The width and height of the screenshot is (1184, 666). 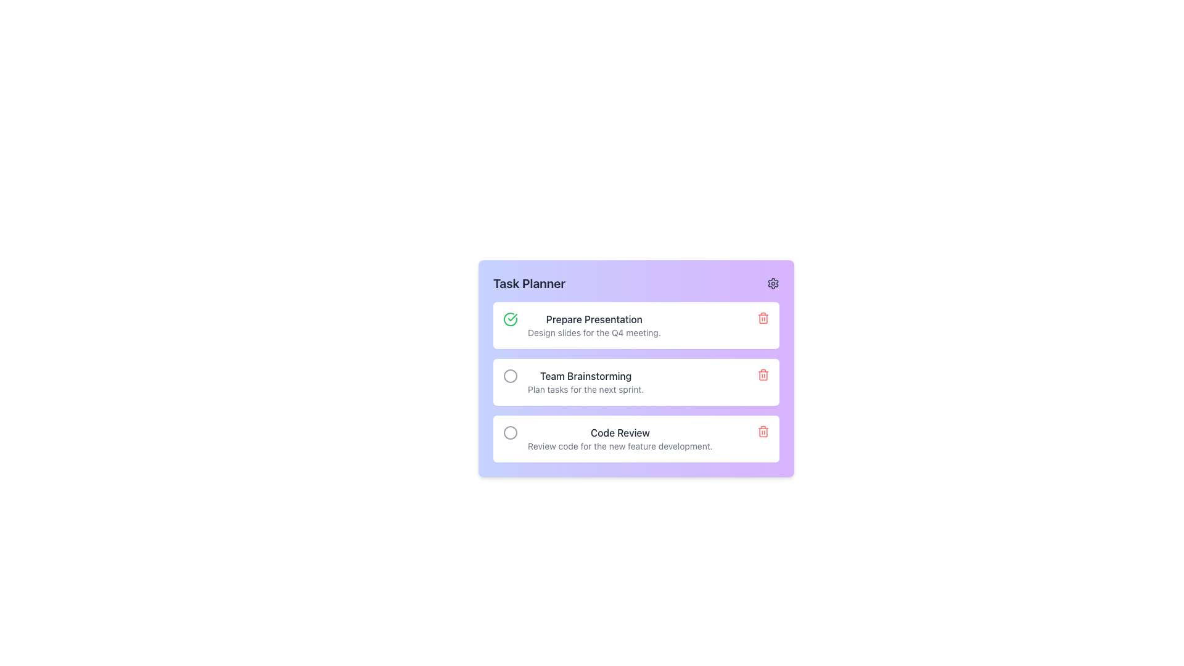 What do you see at coordinates (772, 283) in the screenshot?
I see `the gear-shaped icon located at the top right corner of the task management interface` at bounding box center [772, 283].